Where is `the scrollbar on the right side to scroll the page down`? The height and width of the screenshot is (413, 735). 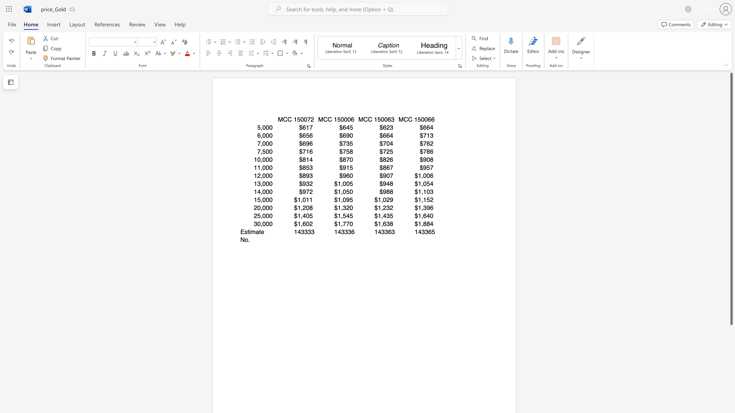 the scrollbar on the right side to scroll the page down is located at coordinates (731, 408).